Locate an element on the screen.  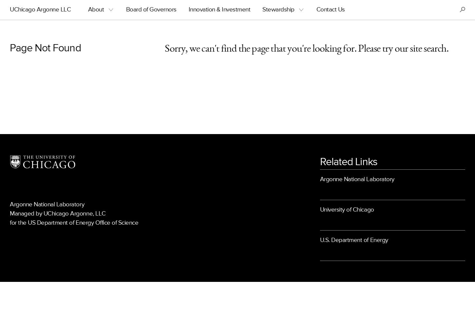
'UChicago Argonne LLC' is located at coordinates (40, 9).